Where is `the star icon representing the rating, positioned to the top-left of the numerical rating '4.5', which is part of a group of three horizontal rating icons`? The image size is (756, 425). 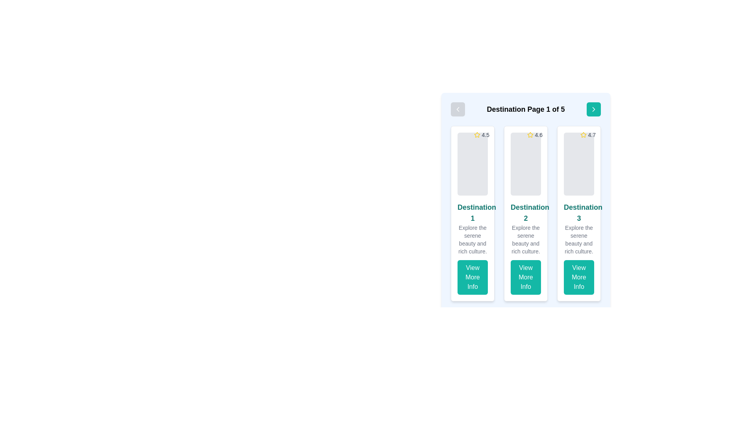 the star icon representing the rating, positioned to the top-left of the numerical rating '4.5', which is part of a group of three horizontal rating icons is located at coordinates (530, 134).